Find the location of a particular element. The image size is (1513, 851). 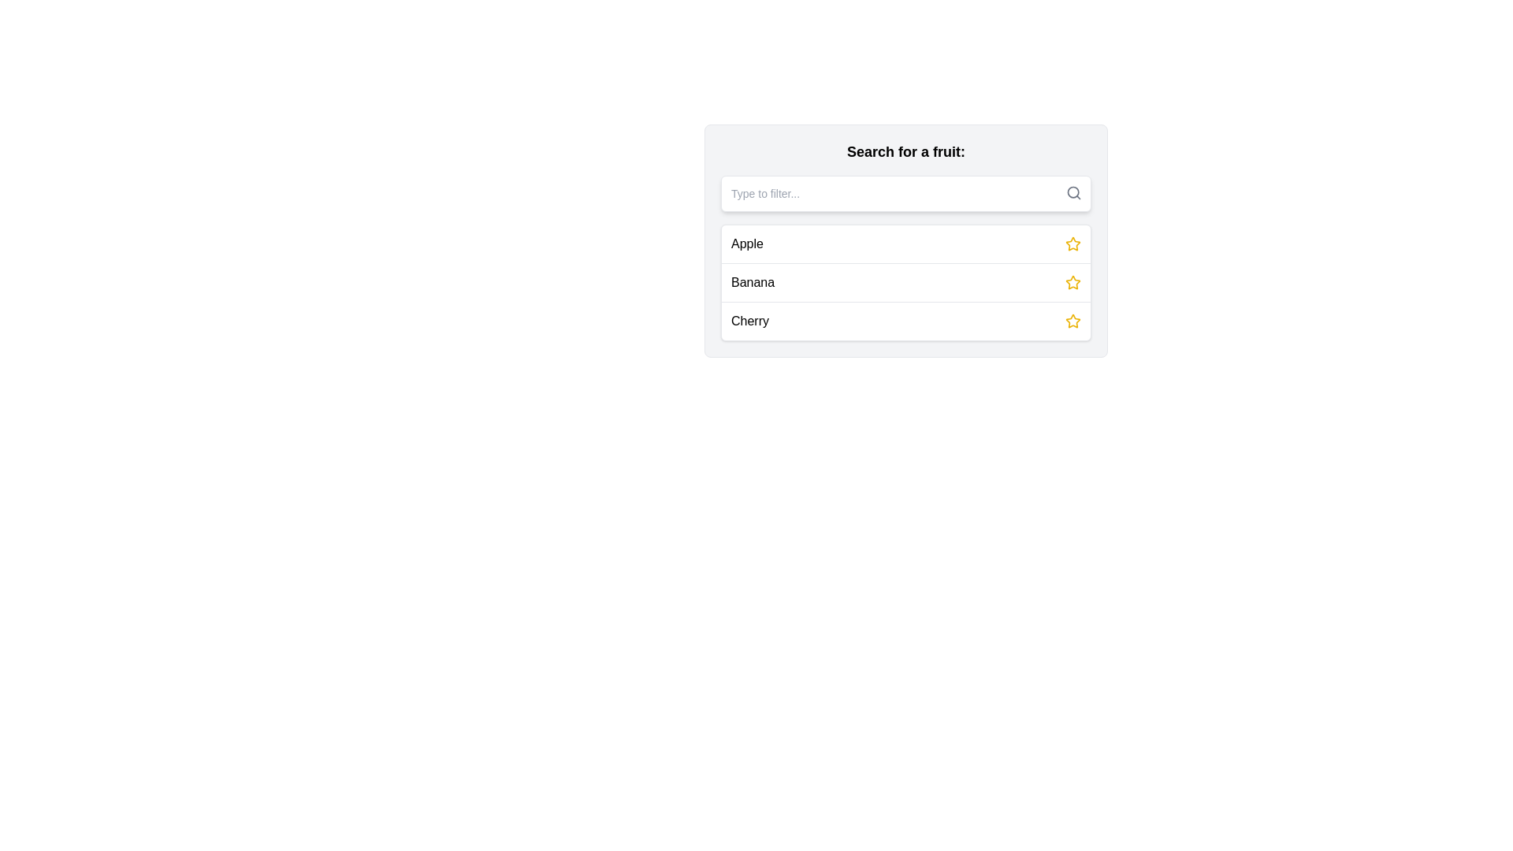

the third list item labeled 'Cherry' is located at coordinates (906, 320).